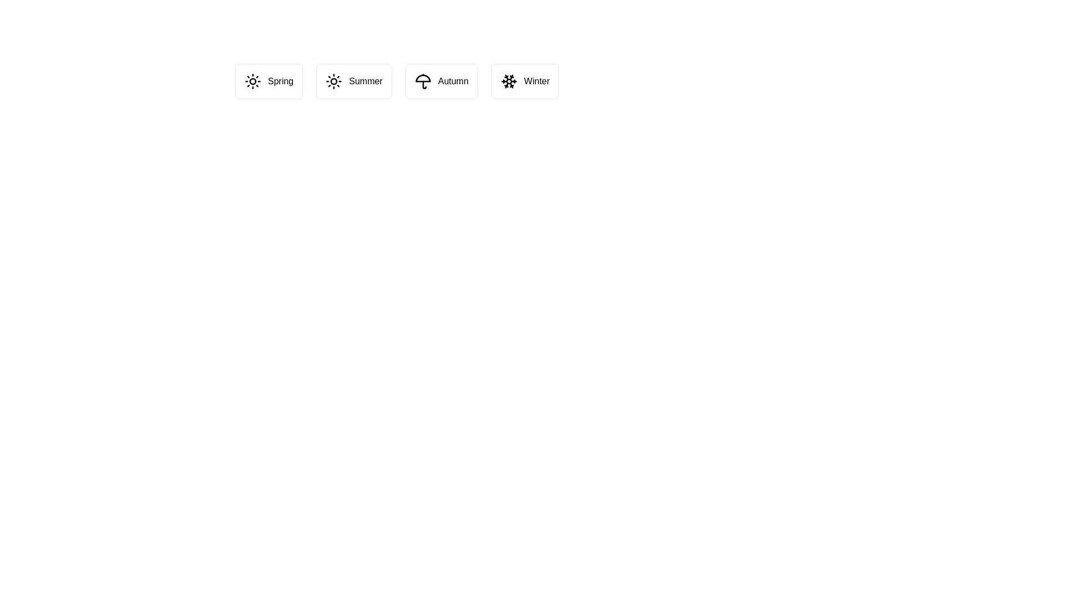 The height and width of the screenshot is (599, 1065). I want to click on the stylized sun icon located within the 'Summer' button, so click(333, 80).